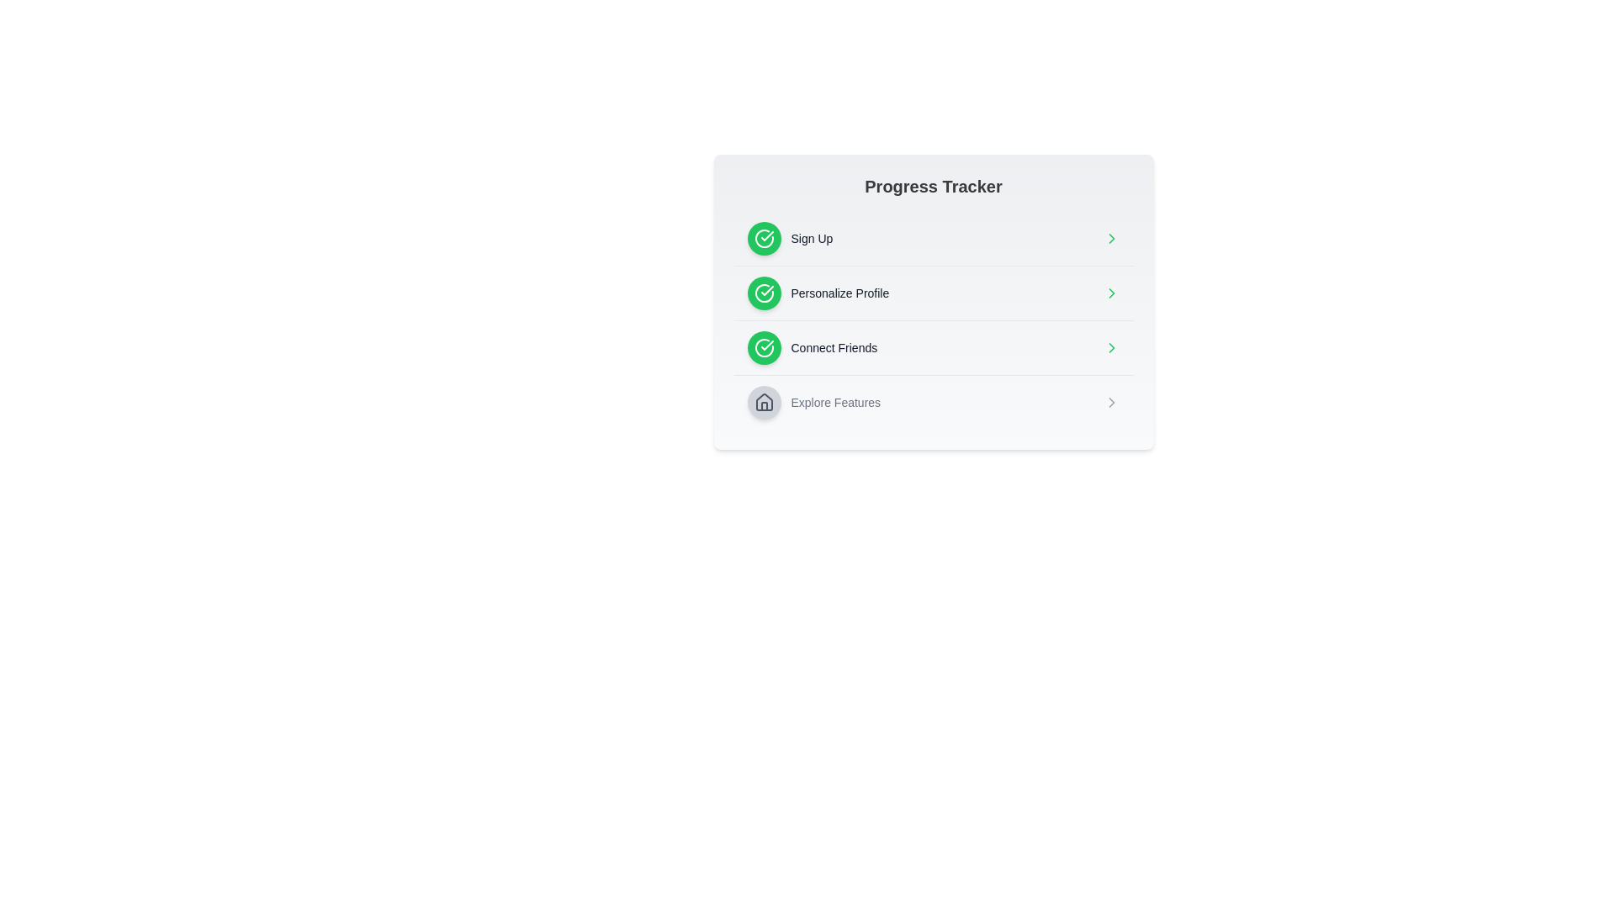 The height and width of the screenshot is (908, 1615). Describe the element at coordinates (763, 346) in the screenshot. I see `the third checkmark icon in the 'Progress Tracker' panel, which indicates the completion status of the 'Connect Friends' step` at that location.